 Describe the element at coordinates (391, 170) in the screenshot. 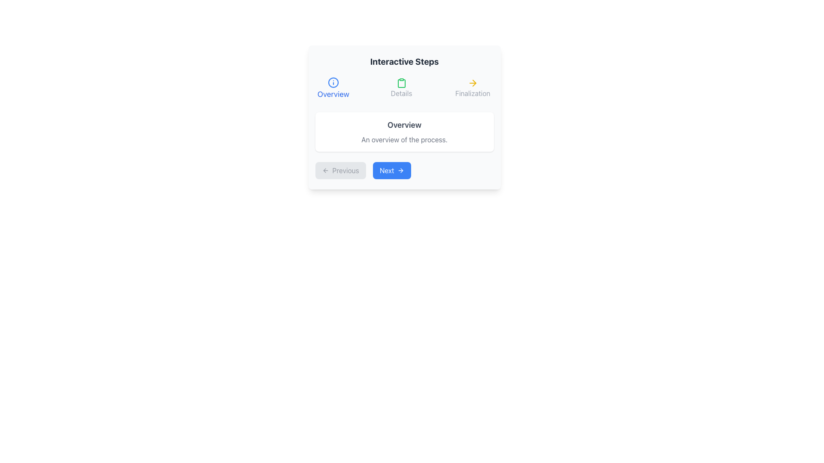

I see `the 'Next' button located at the bottom center of the interface` at that location.